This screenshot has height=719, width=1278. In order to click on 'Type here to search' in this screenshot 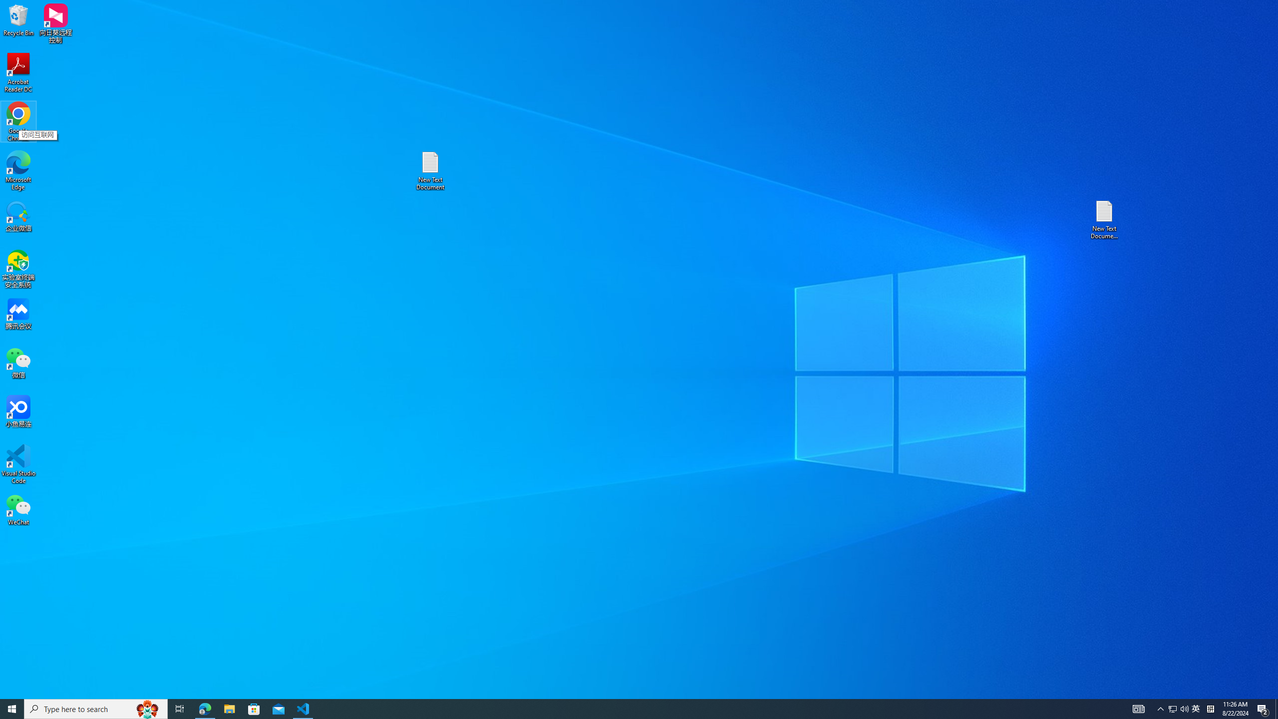, I will do `click(95, 708)`.